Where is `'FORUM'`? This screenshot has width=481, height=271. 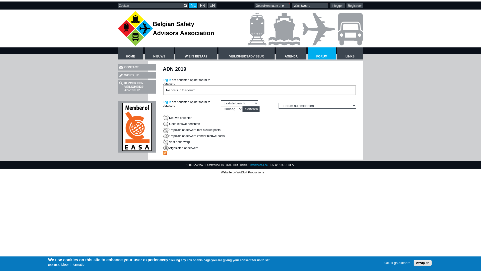 'FORUM' is located at coordinates (307, 53).